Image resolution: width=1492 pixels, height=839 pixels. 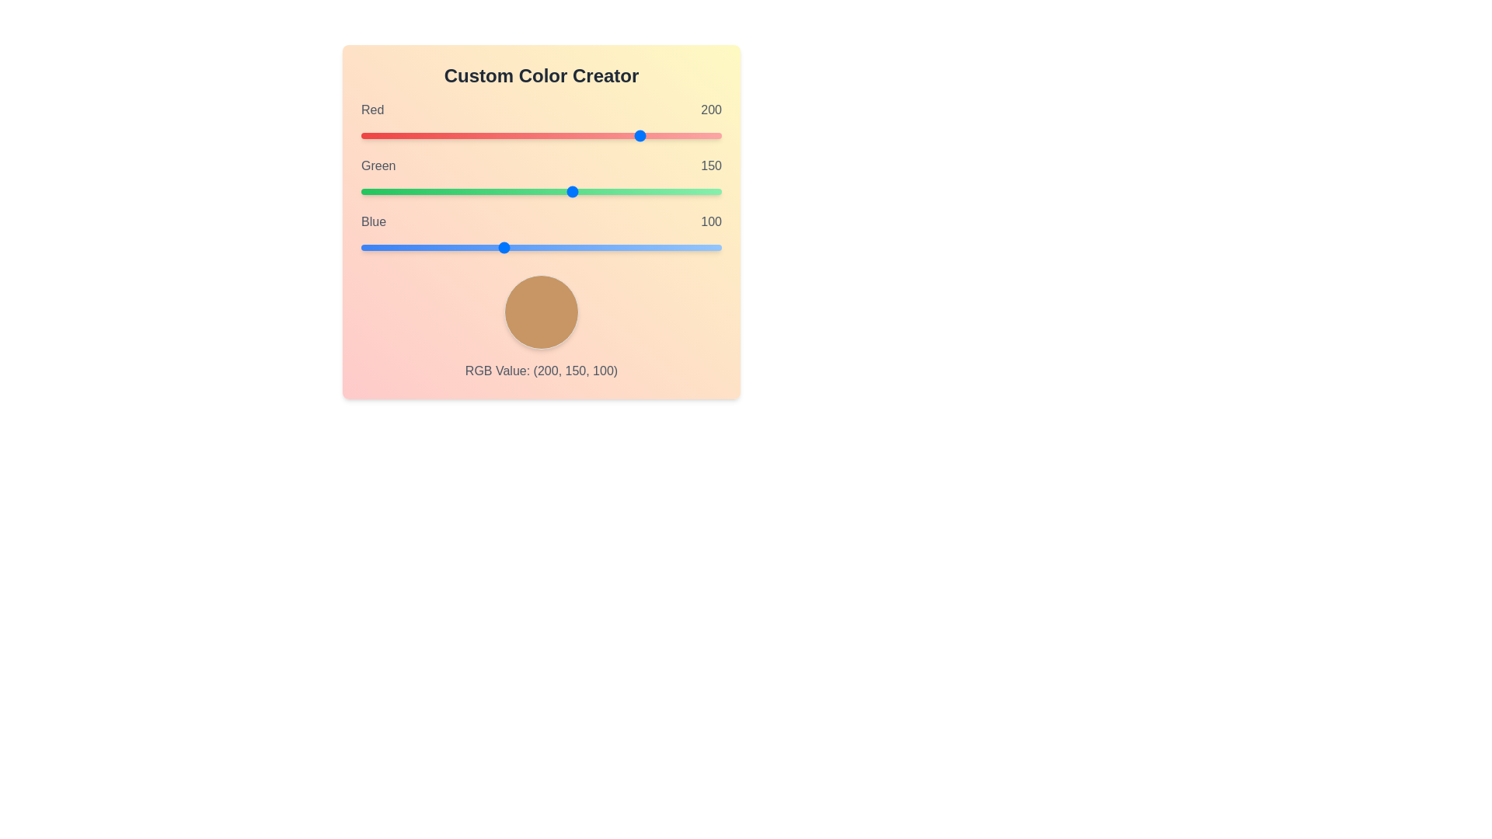 I want to click on the blue slider to set the blue value to 172, so click(x=603, y=247).